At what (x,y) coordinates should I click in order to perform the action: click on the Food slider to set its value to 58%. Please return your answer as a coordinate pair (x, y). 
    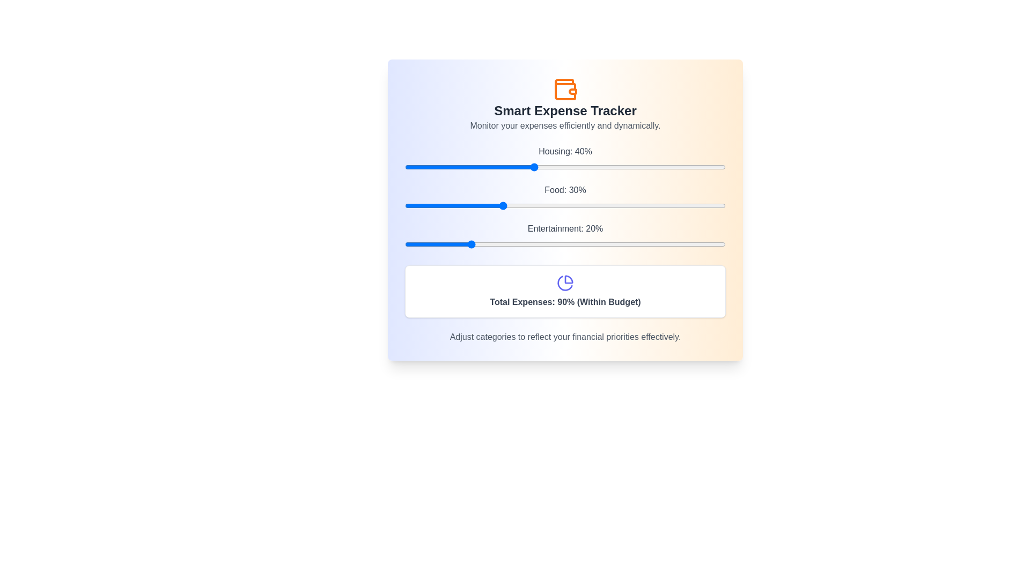
    Looking at the image, I should click on (590, 206).